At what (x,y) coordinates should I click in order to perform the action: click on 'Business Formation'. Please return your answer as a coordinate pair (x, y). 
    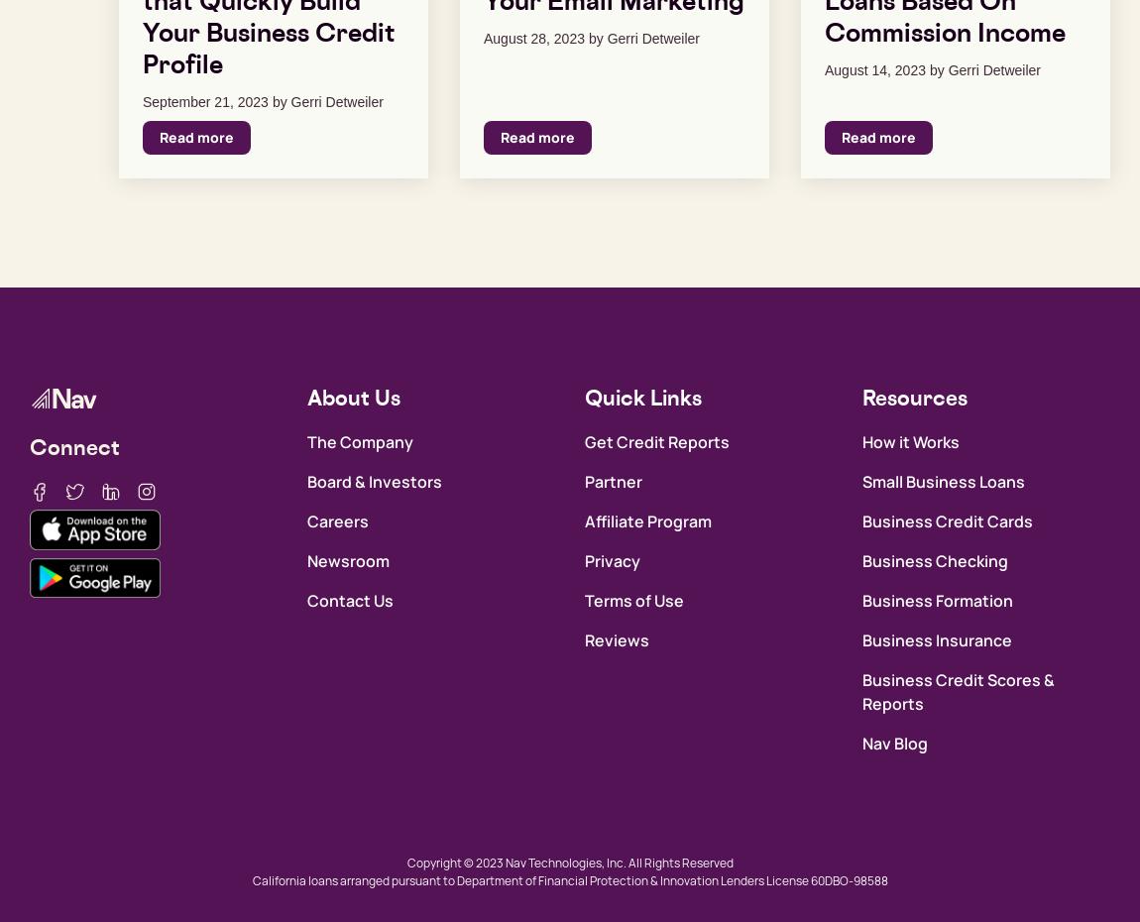
    Looking at the image, I should click on (937, 600).